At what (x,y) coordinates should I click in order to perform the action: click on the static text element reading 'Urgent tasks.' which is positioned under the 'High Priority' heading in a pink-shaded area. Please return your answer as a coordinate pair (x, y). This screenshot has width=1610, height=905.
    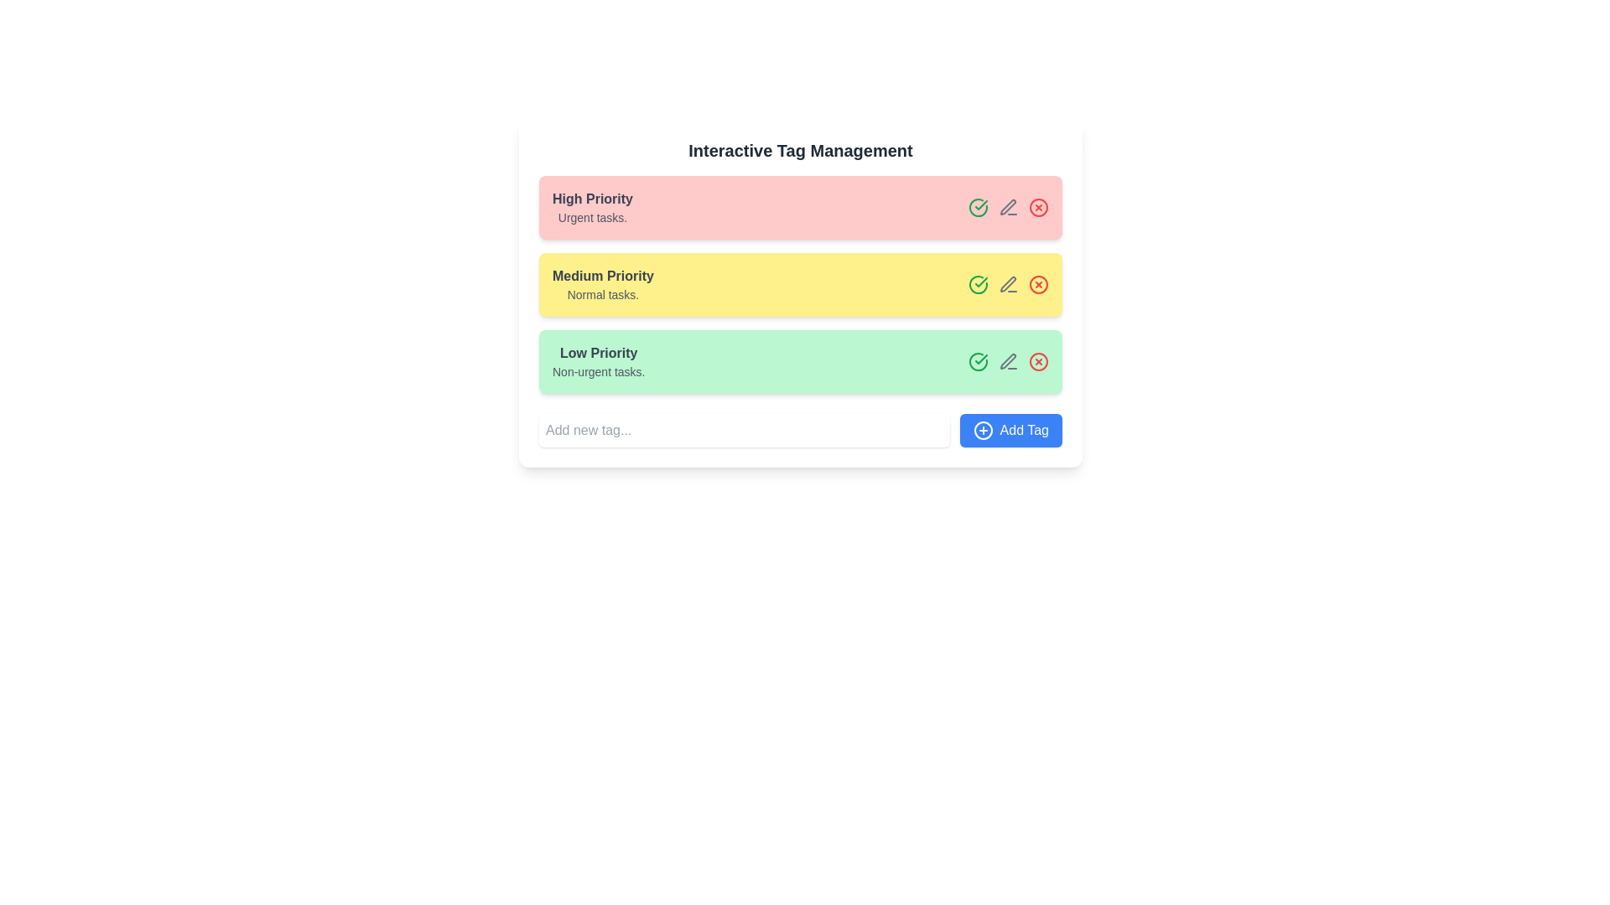
    Looking at the image, I should click on (592, 216).